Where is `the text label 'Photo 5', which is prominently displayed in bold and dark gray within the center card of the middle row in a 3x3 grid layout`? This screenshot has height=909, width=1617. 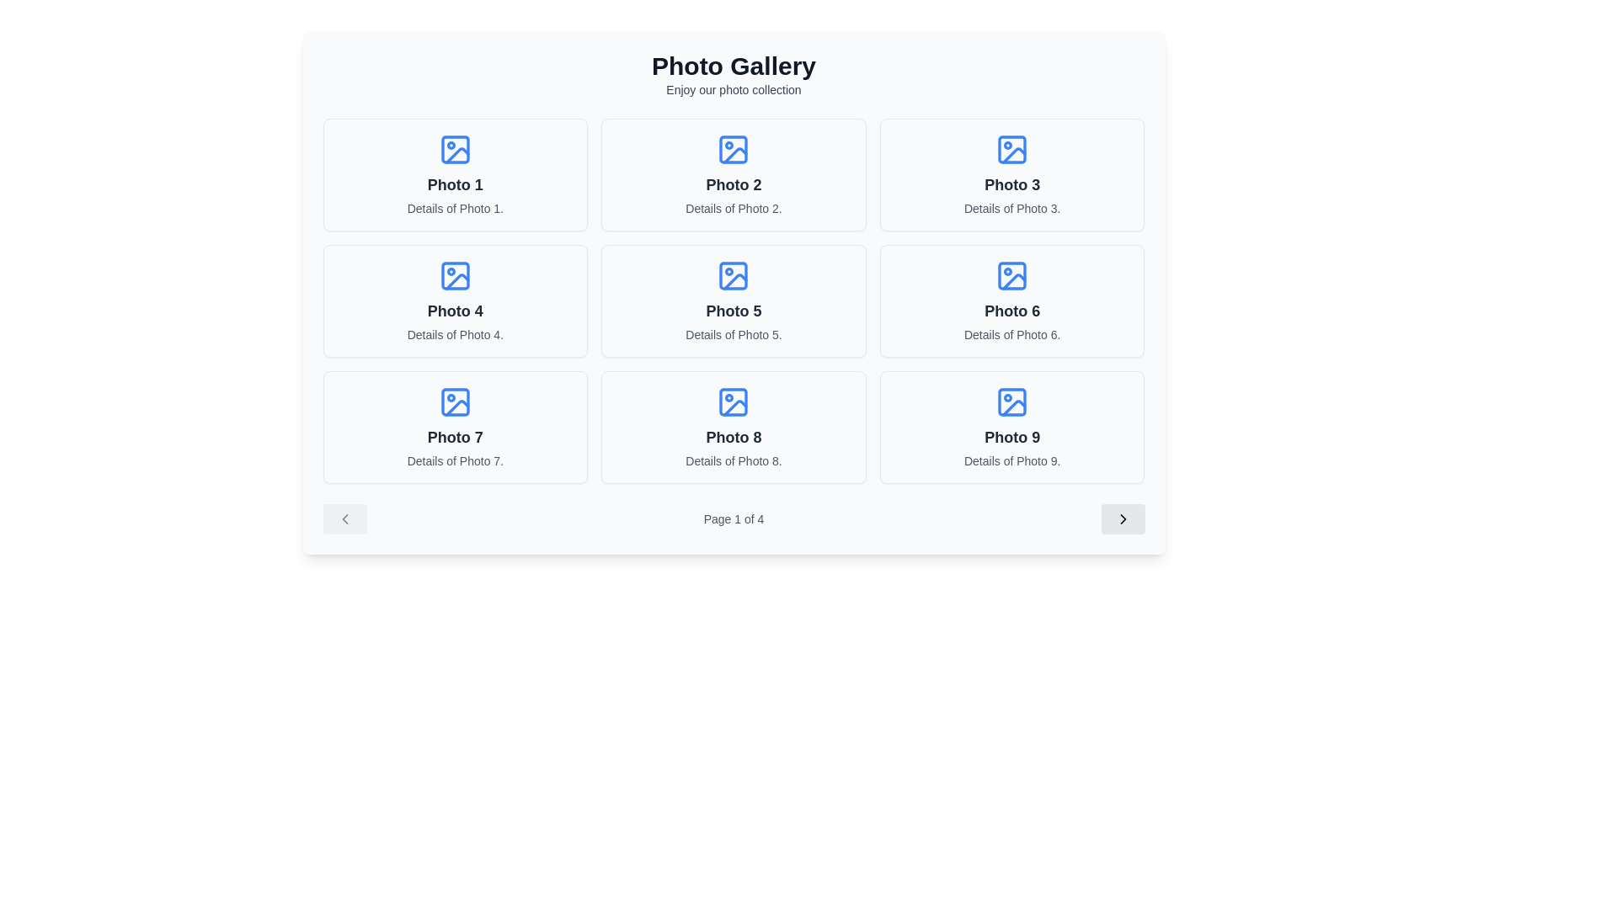 the text label 'Photo 5', which is prominently displayed in bold and dark gray within the center card of the middle row in a 3x3 grid layout is located at coordinates (734, 311).